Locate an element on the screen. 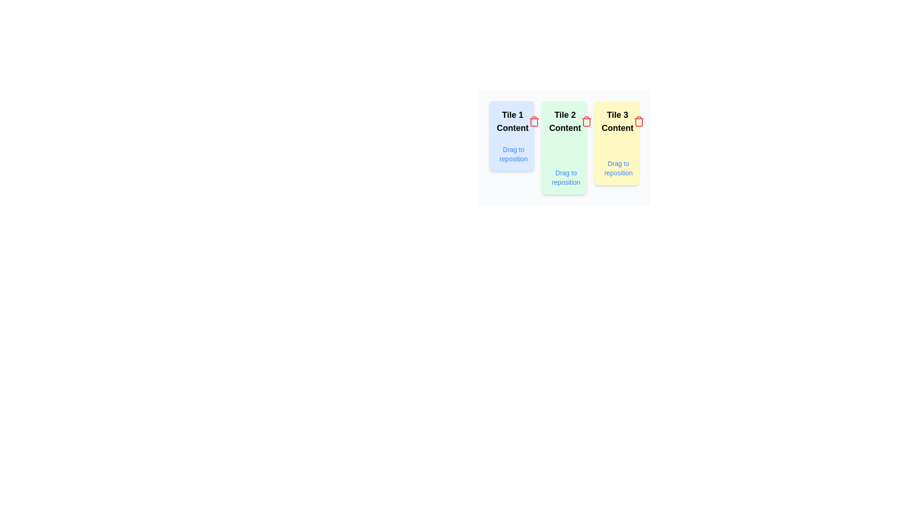 The width and height of the screenshot is (899, 505). the interactive tile with a green background and the text 'Tile 2 Content' is located at coordinates (563, 147).